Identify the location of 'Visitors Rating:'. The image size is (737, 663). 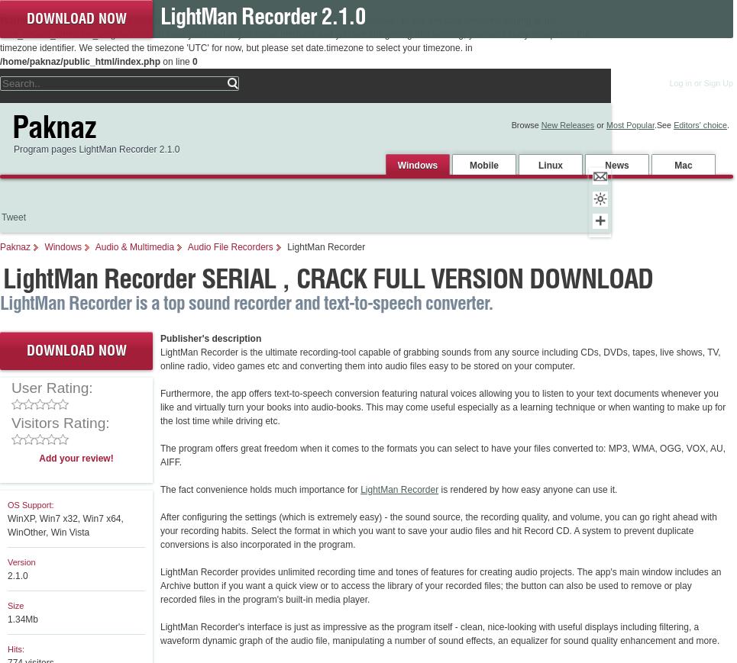
(60, 423).